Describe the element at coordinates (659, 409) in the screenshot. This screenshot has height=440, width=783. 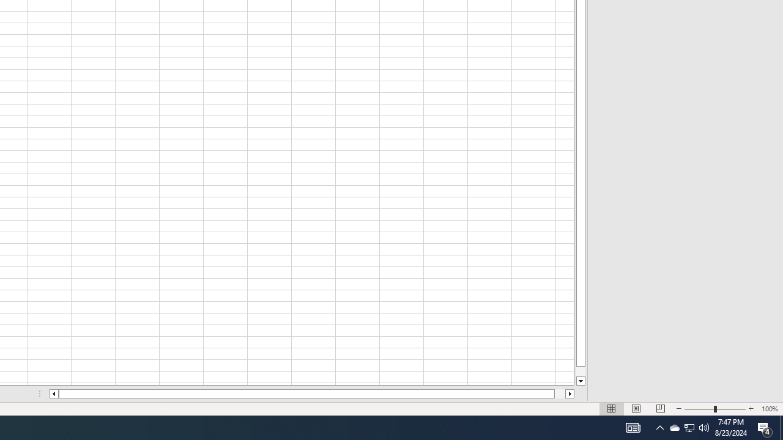
I see `'Page Break Preview'` at that location.